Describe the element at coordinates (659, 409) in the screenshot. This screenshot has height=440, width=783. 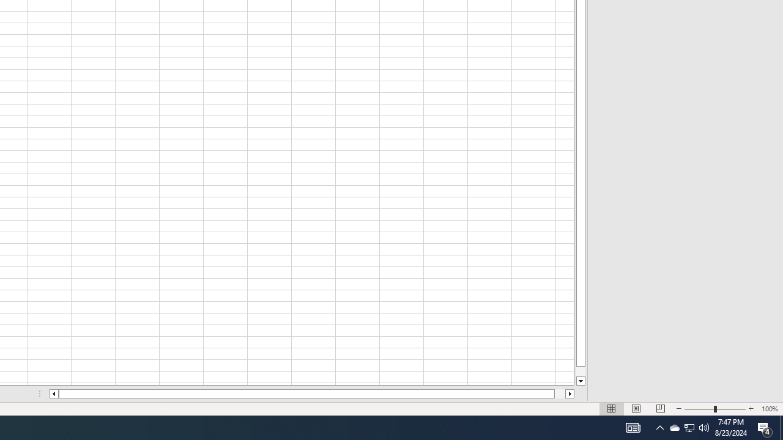
I see `'Page Break Preview'` at that location.